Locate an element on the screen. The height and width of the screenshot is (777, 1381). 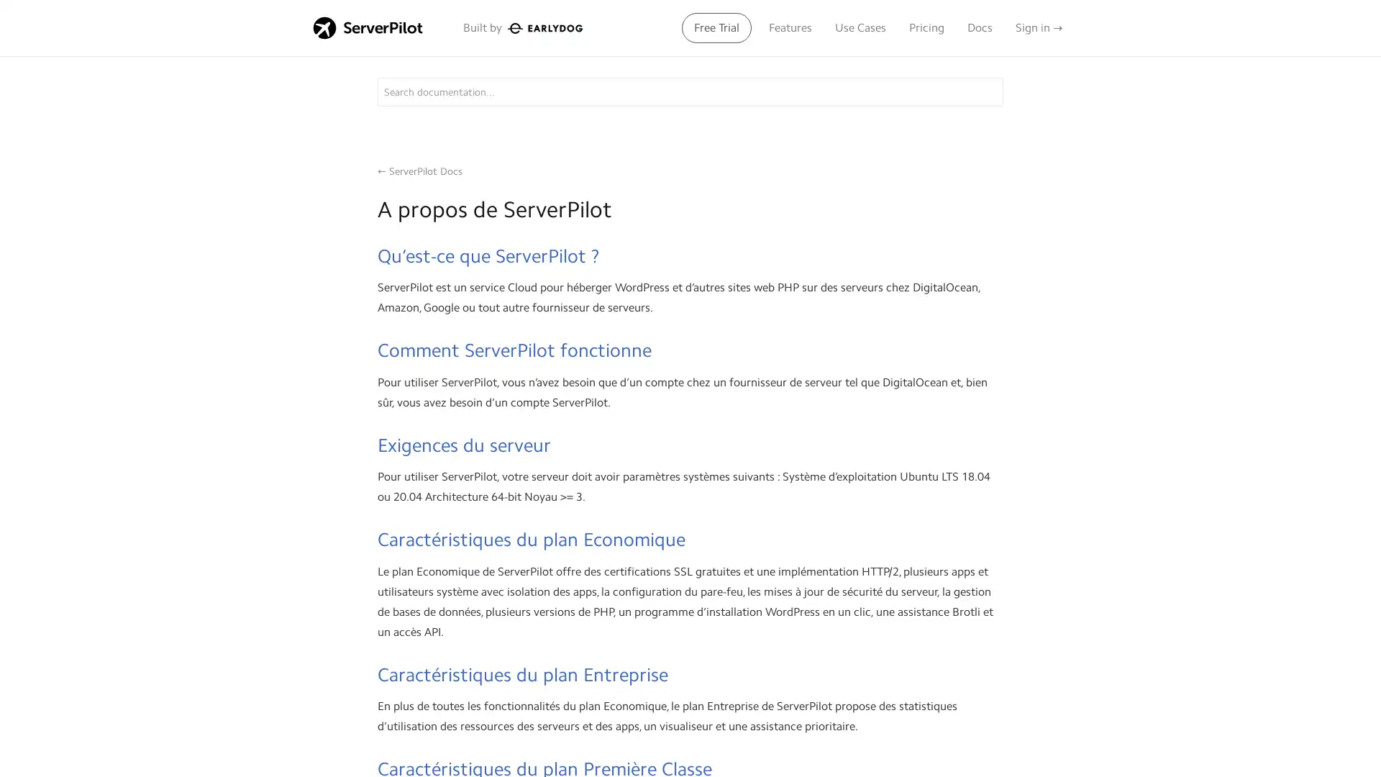
Docs is located at coordinates (979, 27).